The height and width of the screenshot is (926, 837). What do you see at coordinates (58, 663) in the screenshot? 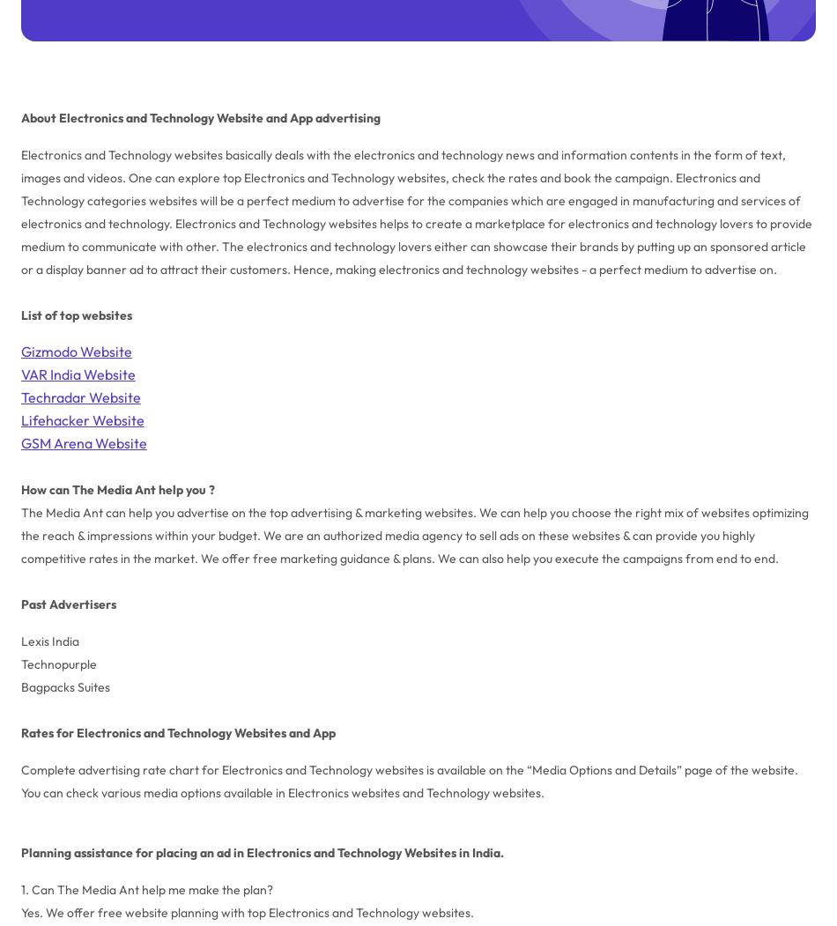
I see `'Technopurple'` at bounding box center [58, 663].